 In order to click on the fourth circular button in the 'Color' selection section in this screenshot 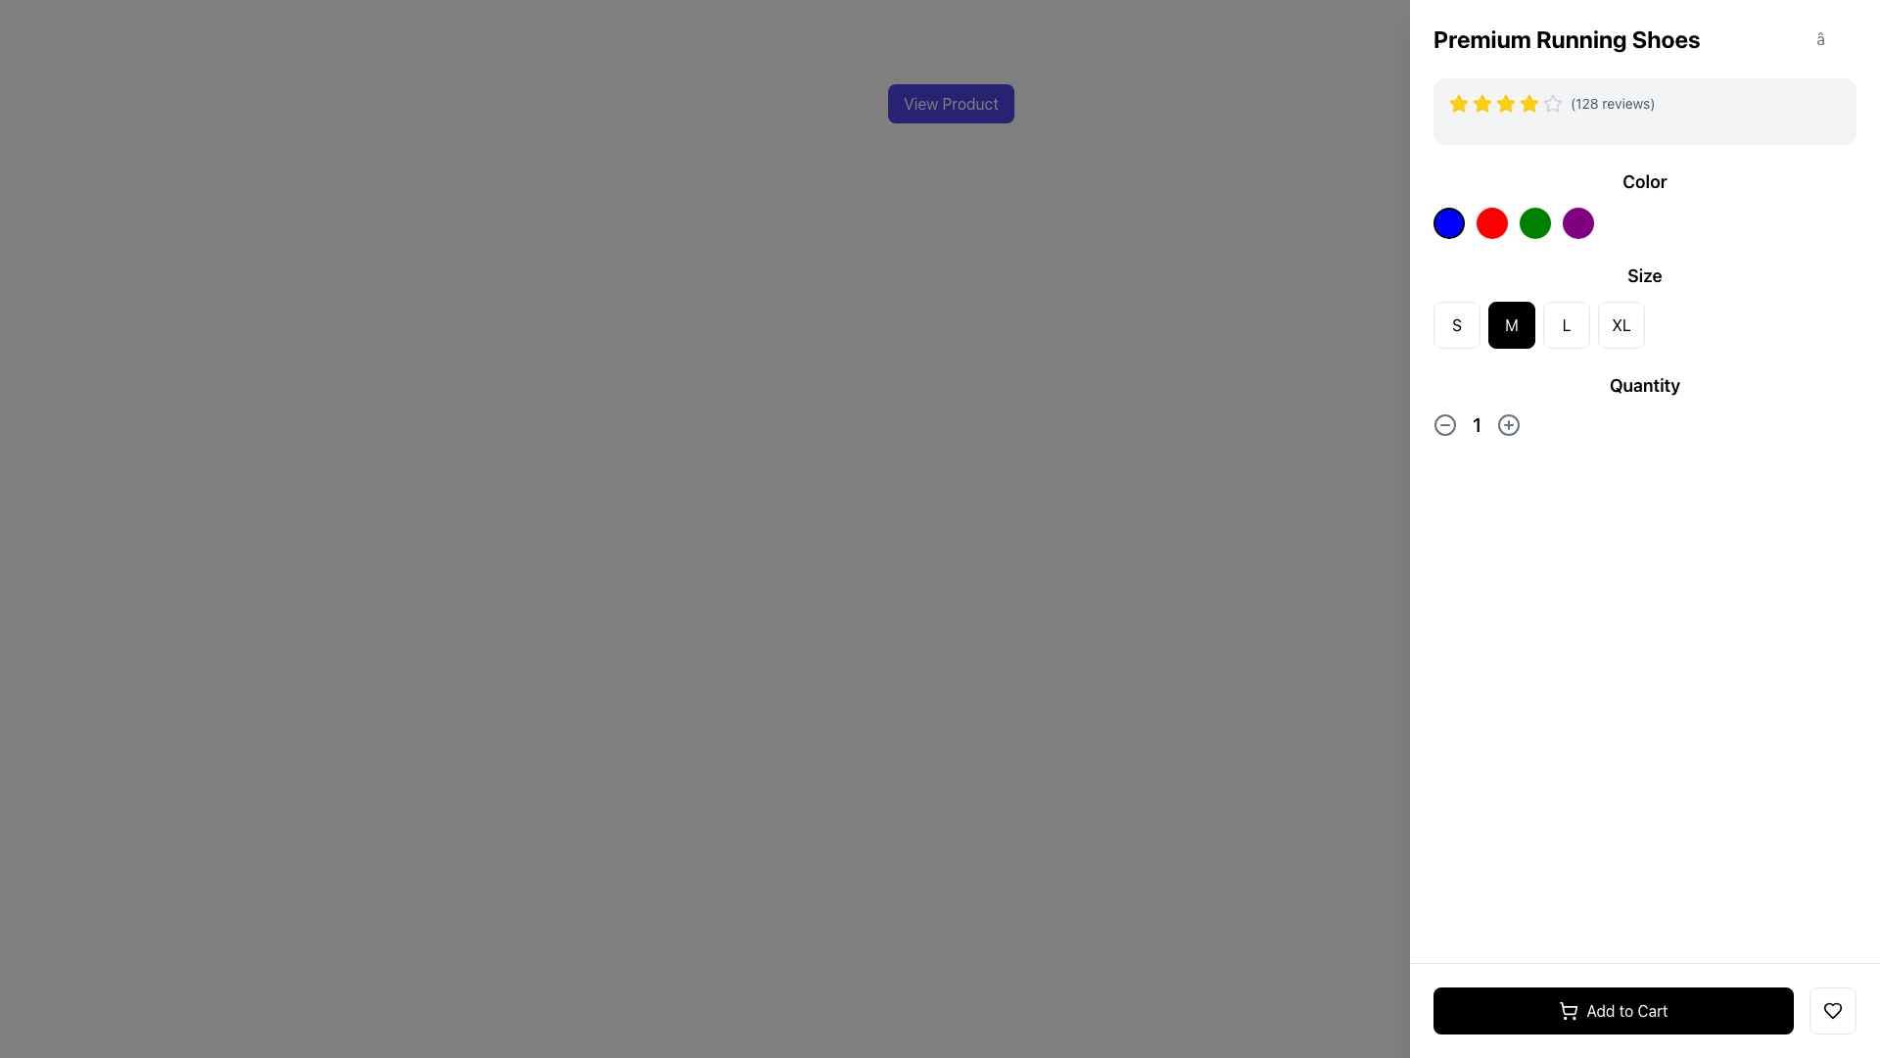, I will do `click(1578, 221)`.